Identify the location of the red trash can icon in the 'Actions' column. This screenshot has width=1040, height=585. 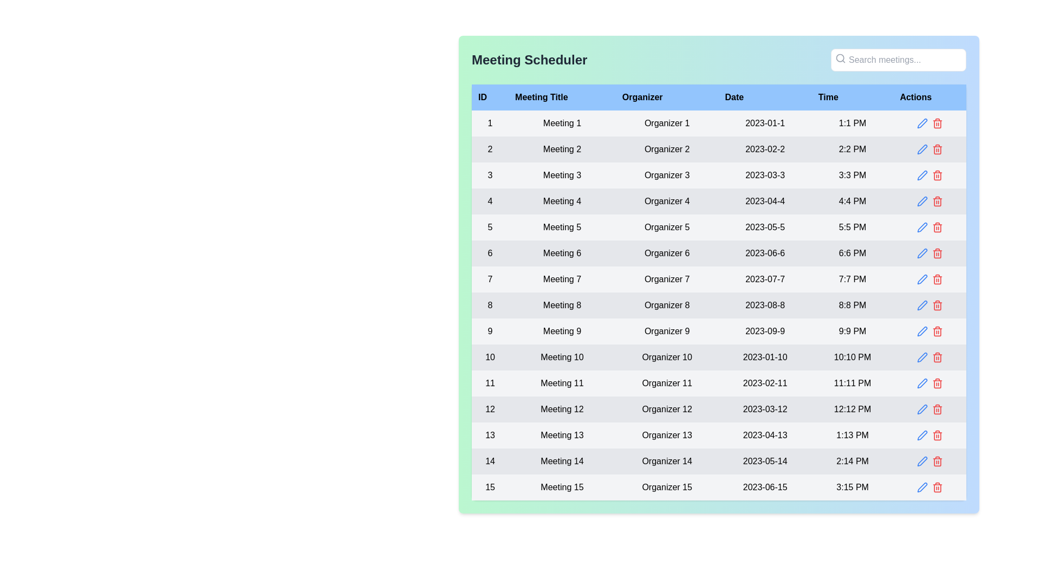
(929, 279).